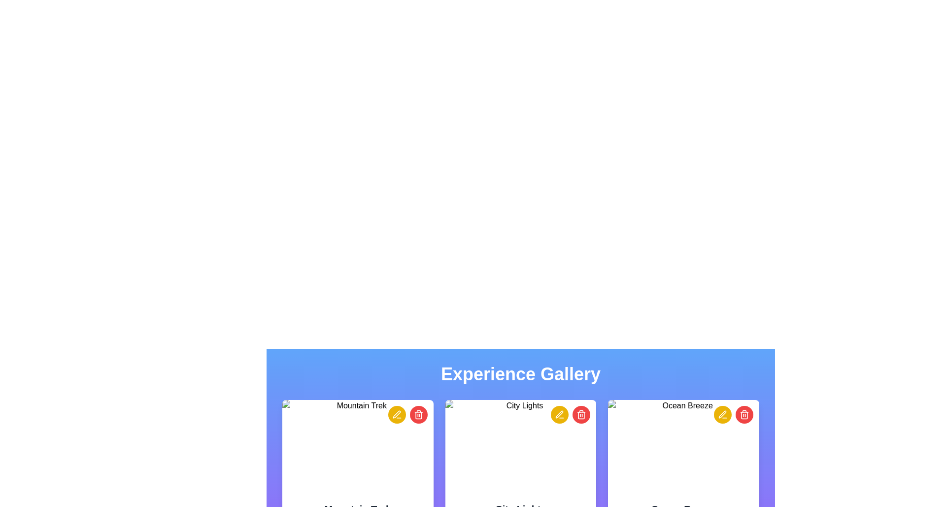 This screenshot has width=946, height=532. Describe the element at coordinates (722, 414) in the screenshot. I see `the edit icon button located to the left of the red trash bin icon within the 'Ocean Breeze' card, which is the third card in the gallery layout` at that location.